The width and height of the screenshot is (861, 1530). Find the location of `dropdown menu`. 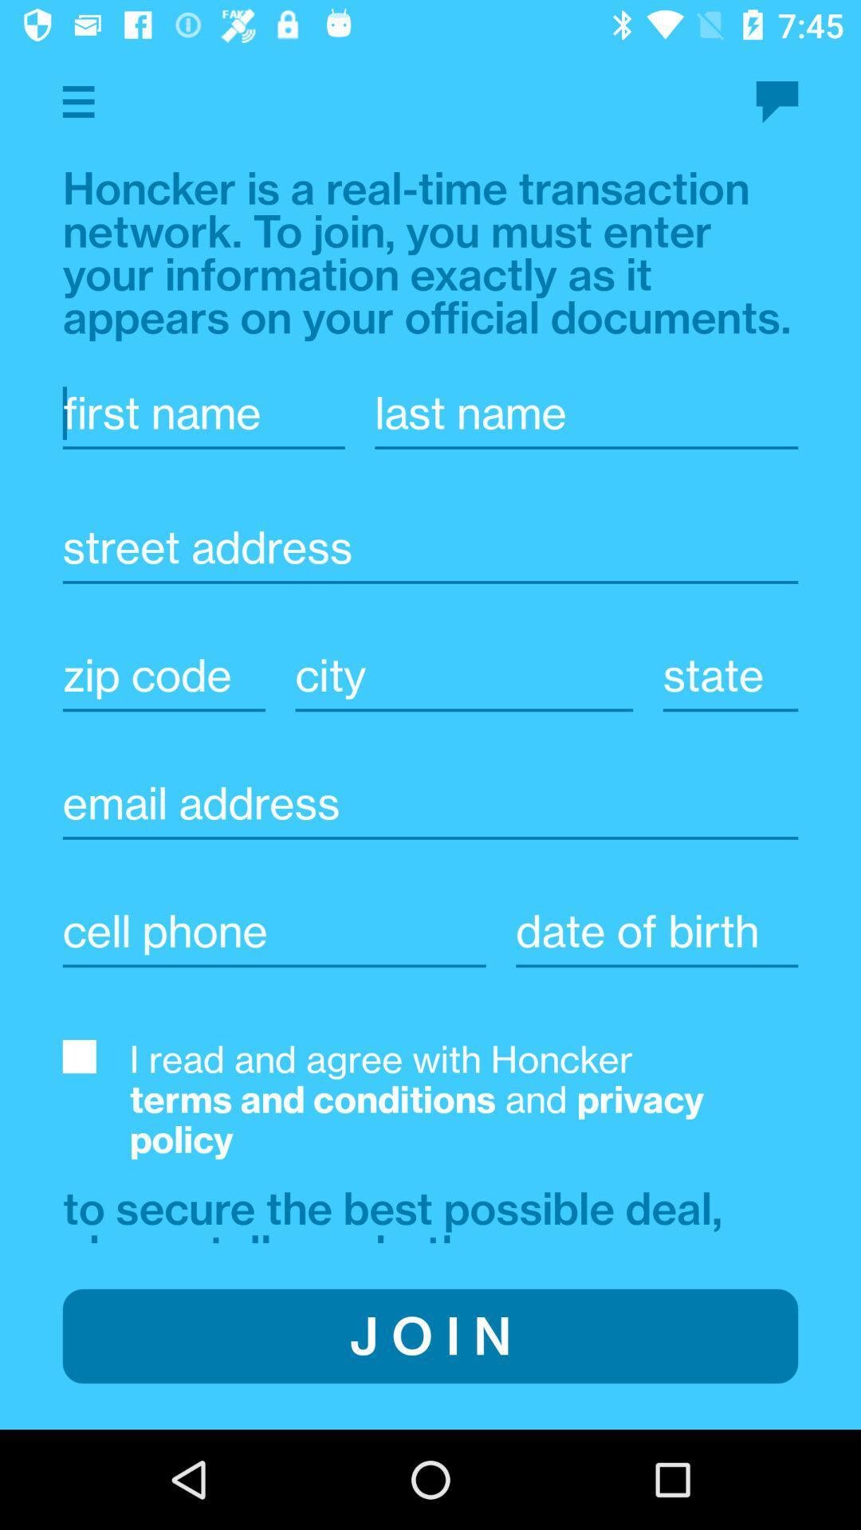

dropdown menu is located at coordinates (78, 100).